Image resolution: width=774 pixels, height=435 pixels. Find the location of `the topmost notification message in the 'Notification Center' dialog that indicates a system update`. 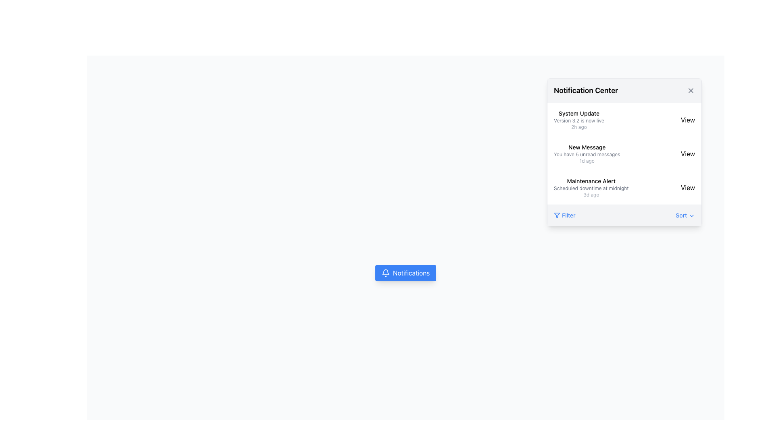

the topmost notification message in the 'Notification Center' dialog that indicates a system update is located at coordinates (578, 120).